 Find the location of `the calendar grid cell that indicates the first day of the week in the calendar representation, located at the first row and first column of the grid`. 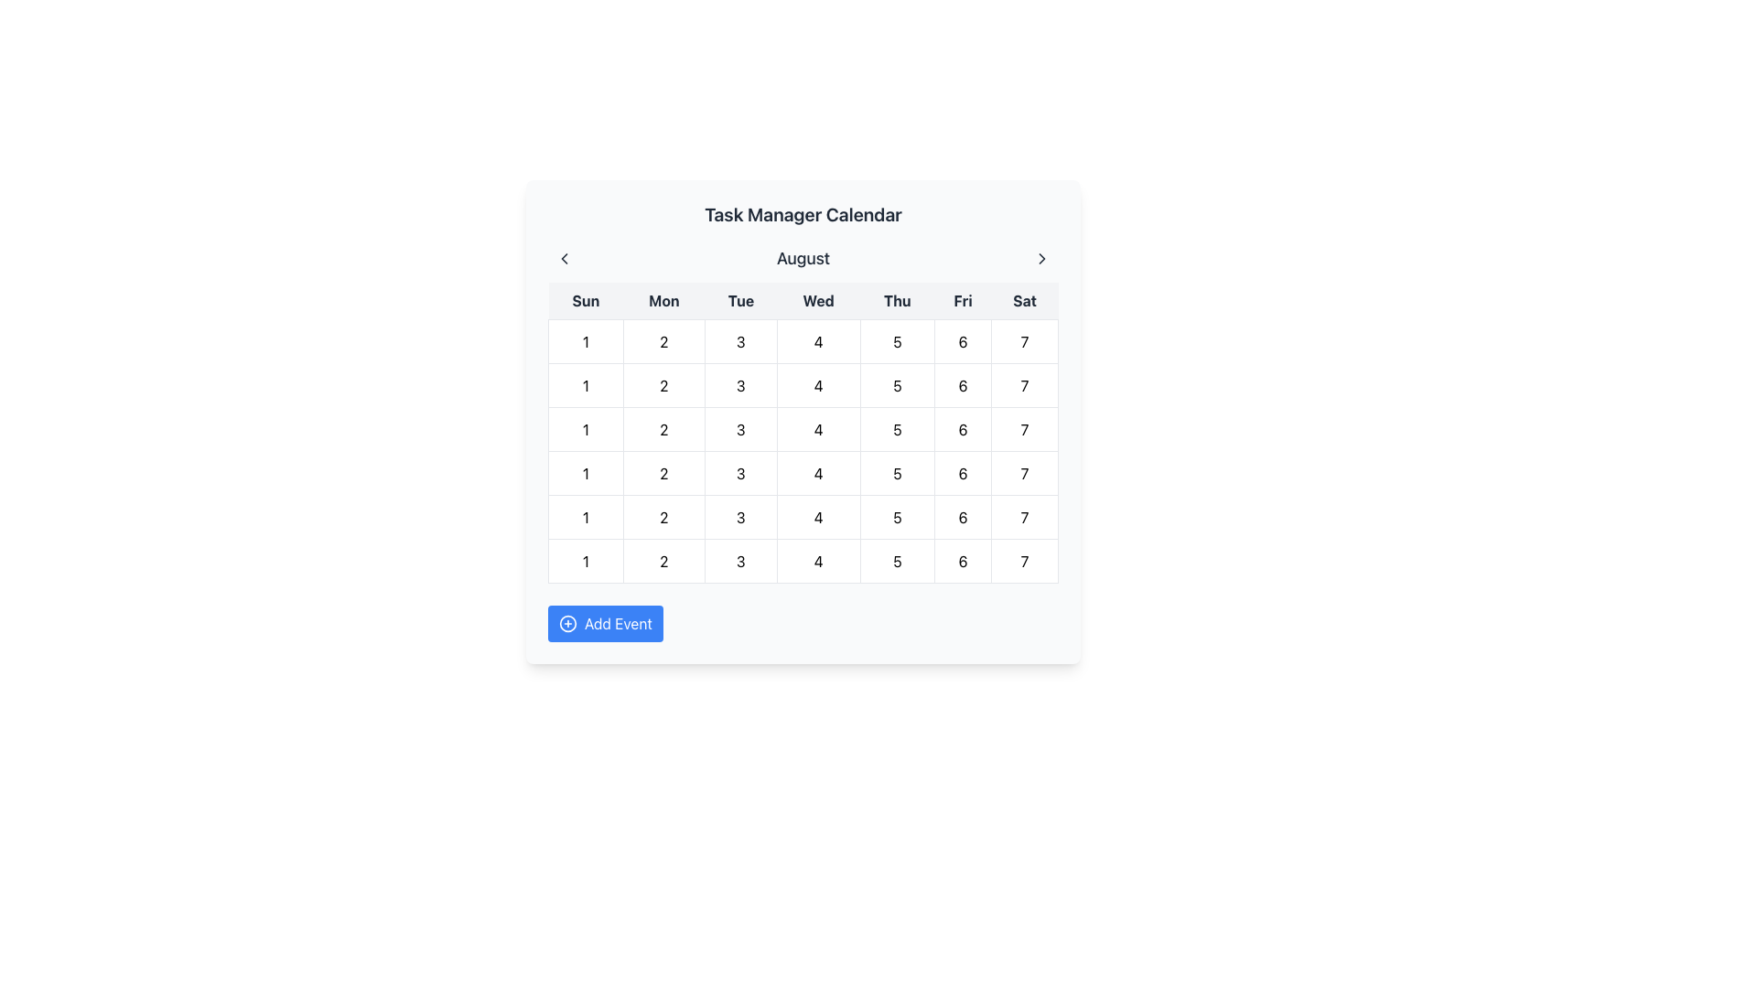

the calendar grid cell that indicates the first day of the week in the calendar representation, located at the first row and first column of the grid is located at coordinates (586, 341).